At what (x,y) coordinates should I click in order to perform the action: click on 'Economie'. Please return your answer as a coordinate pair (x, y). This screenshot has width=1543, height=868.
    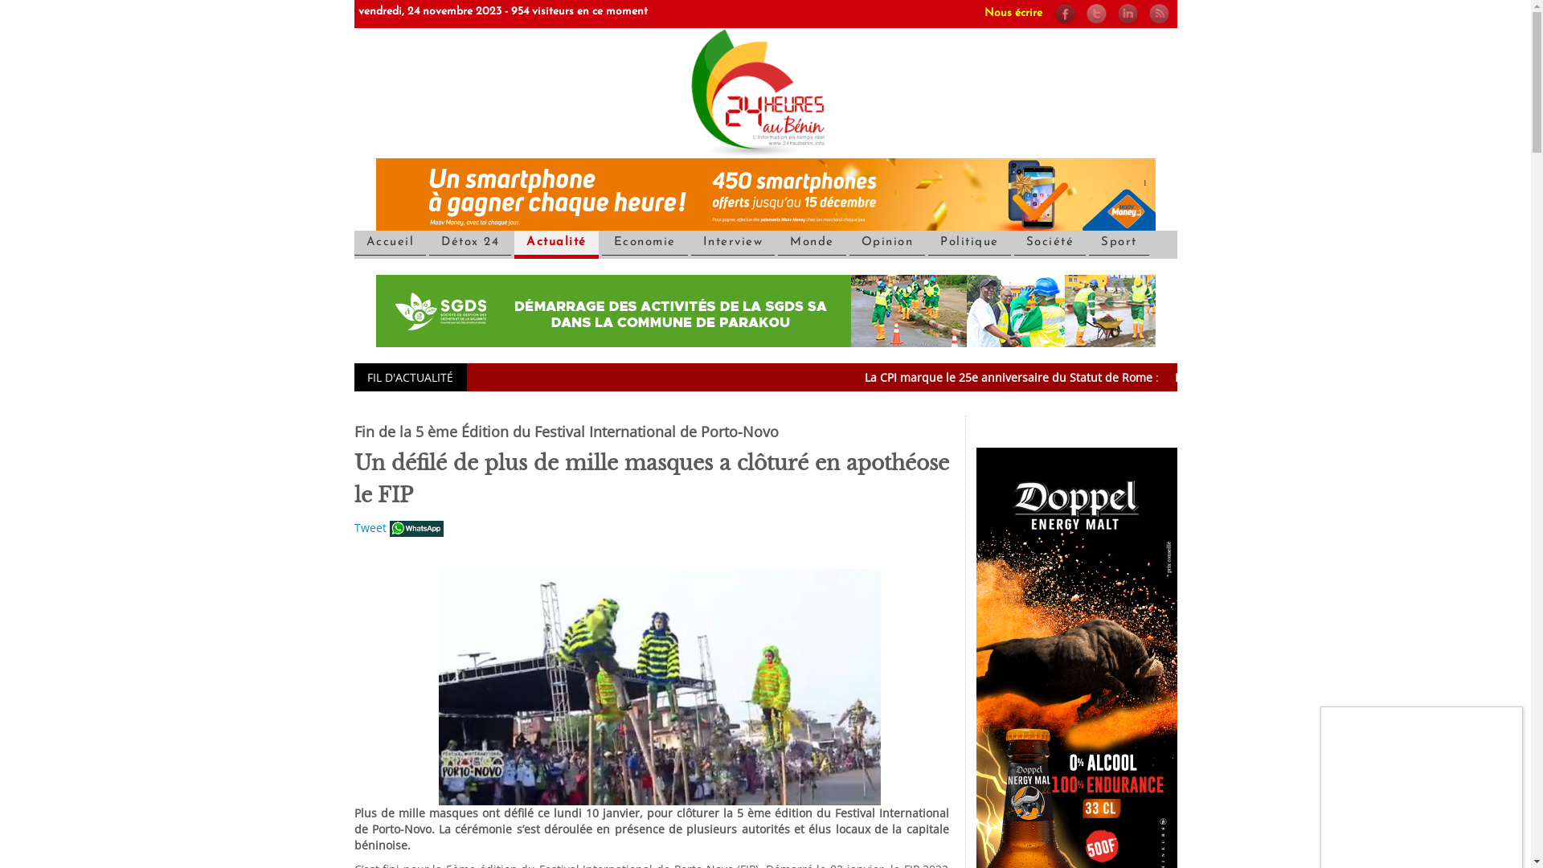
    Looking at the image, I should click on (600, 243).